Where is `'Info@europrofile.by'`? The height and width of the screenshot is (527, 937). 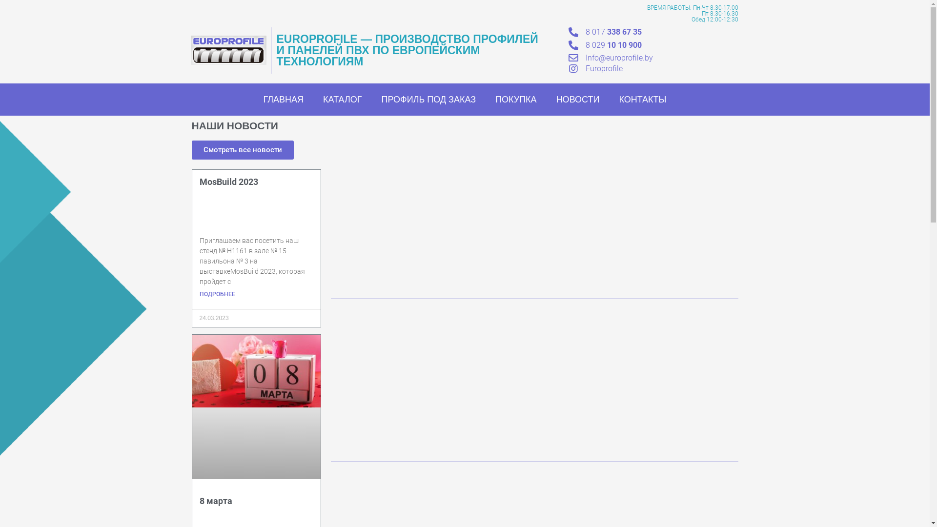 'Info@europrofile.by' is located at coordinates (618, 58).